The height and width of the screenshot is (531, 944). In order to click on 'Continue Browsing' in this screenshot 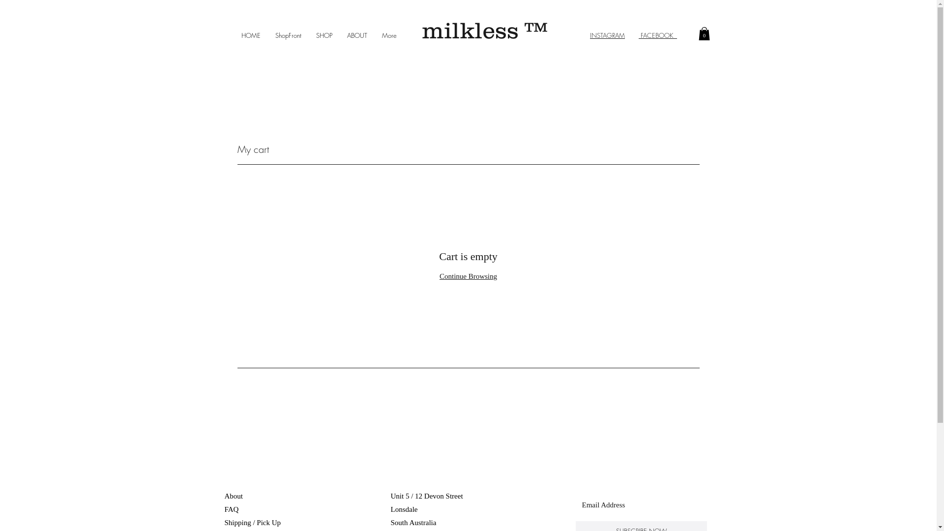, I will do `click(468, 276)`.